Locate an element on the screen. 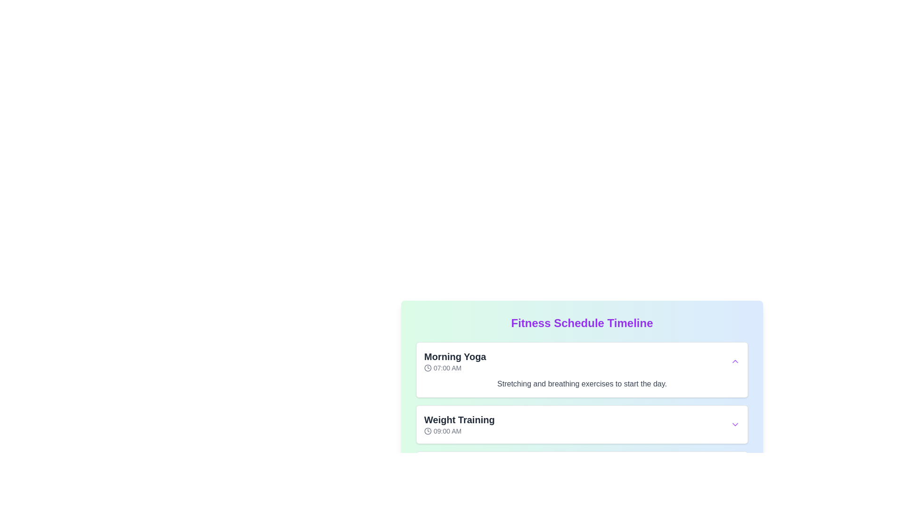 The image size is (905, 509). the clock icon in the second entry of the Fitness Schedule Timeline, which indicates the name and time of a session, specifically below the 'Morning Yoga' session is located at coordinates (459, 425).